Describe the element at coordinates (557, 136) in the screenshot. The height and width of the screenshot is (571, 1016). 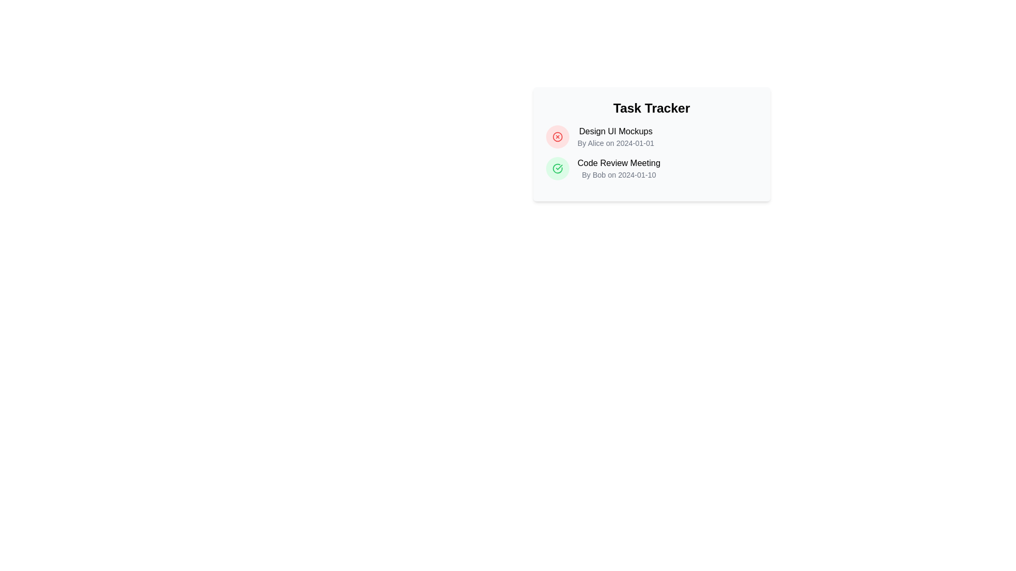
I see `the status icon located` at that location.